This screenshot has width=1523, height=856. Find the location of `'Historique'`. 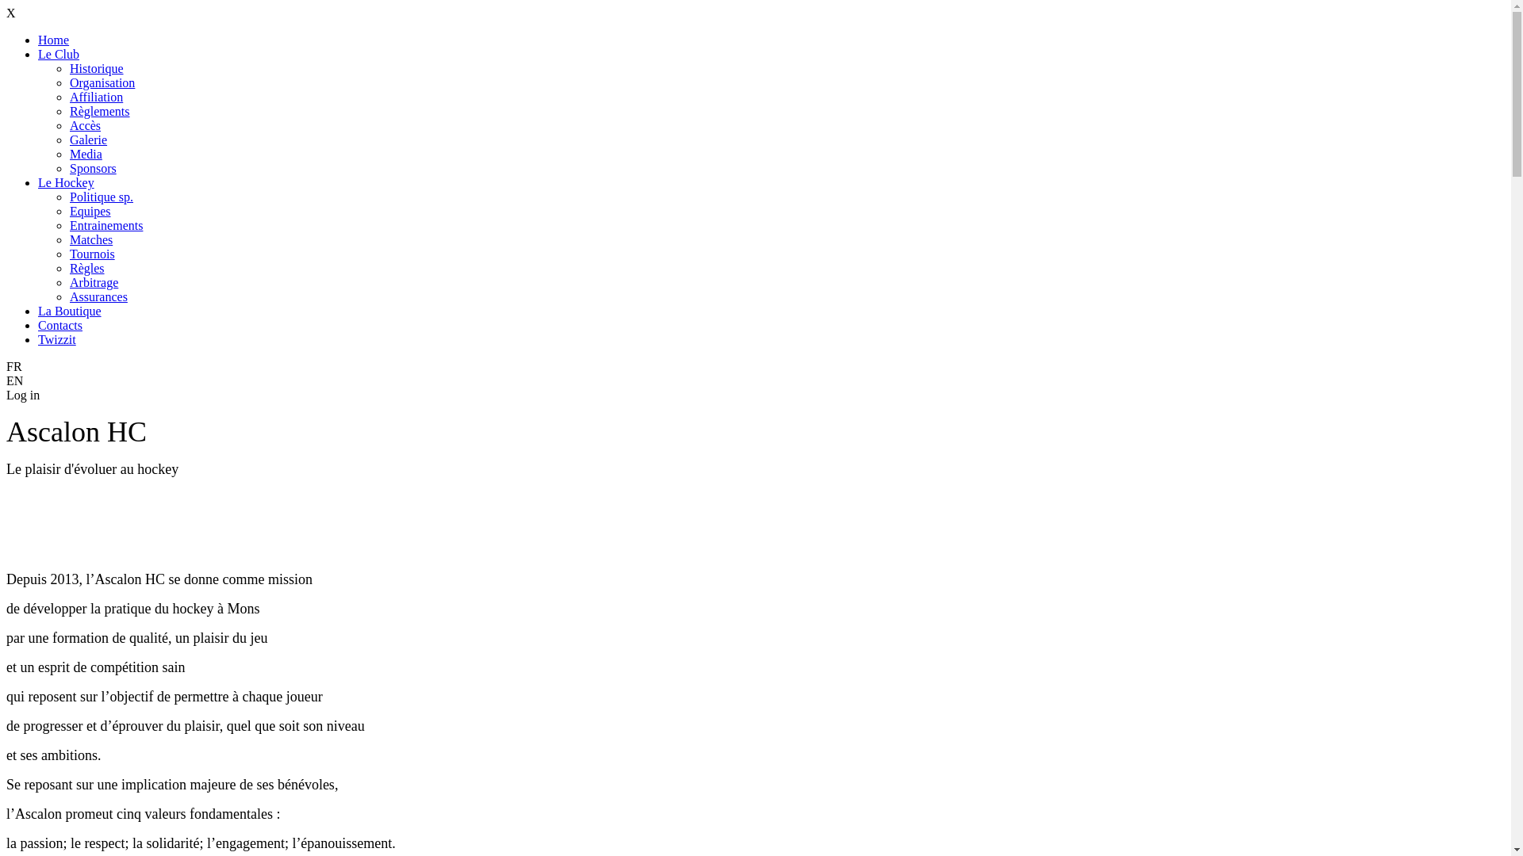

'Historique' is located at coordinates (95, 67).